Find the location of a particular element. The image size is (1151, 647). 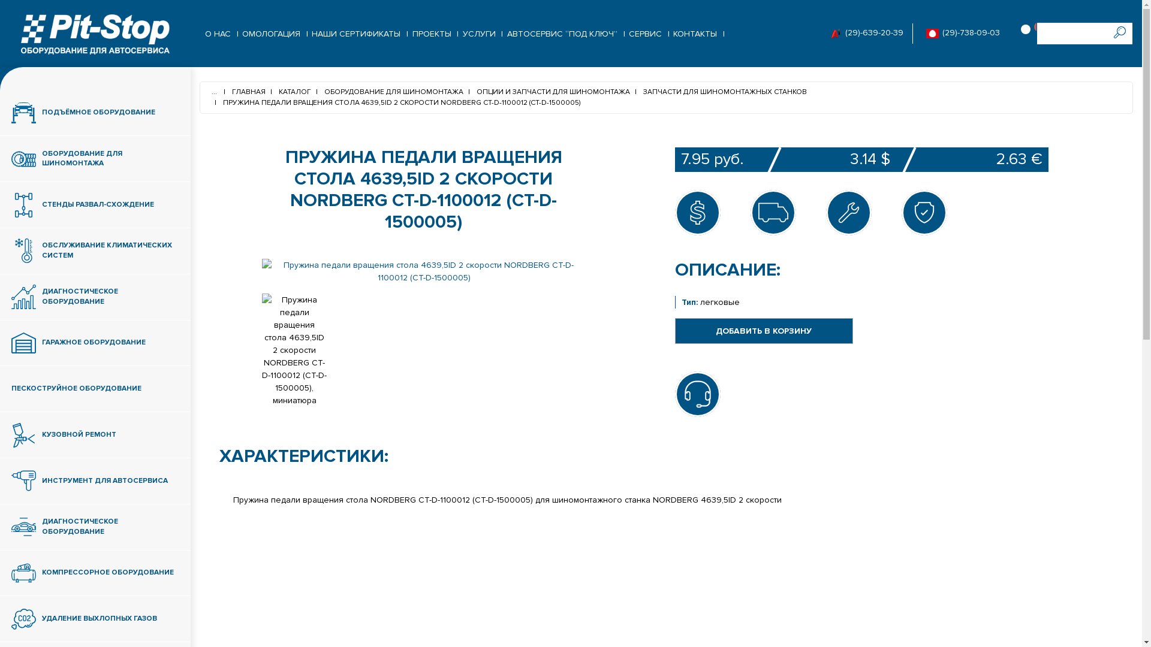

'0' is located at coordinates (1028, 33).